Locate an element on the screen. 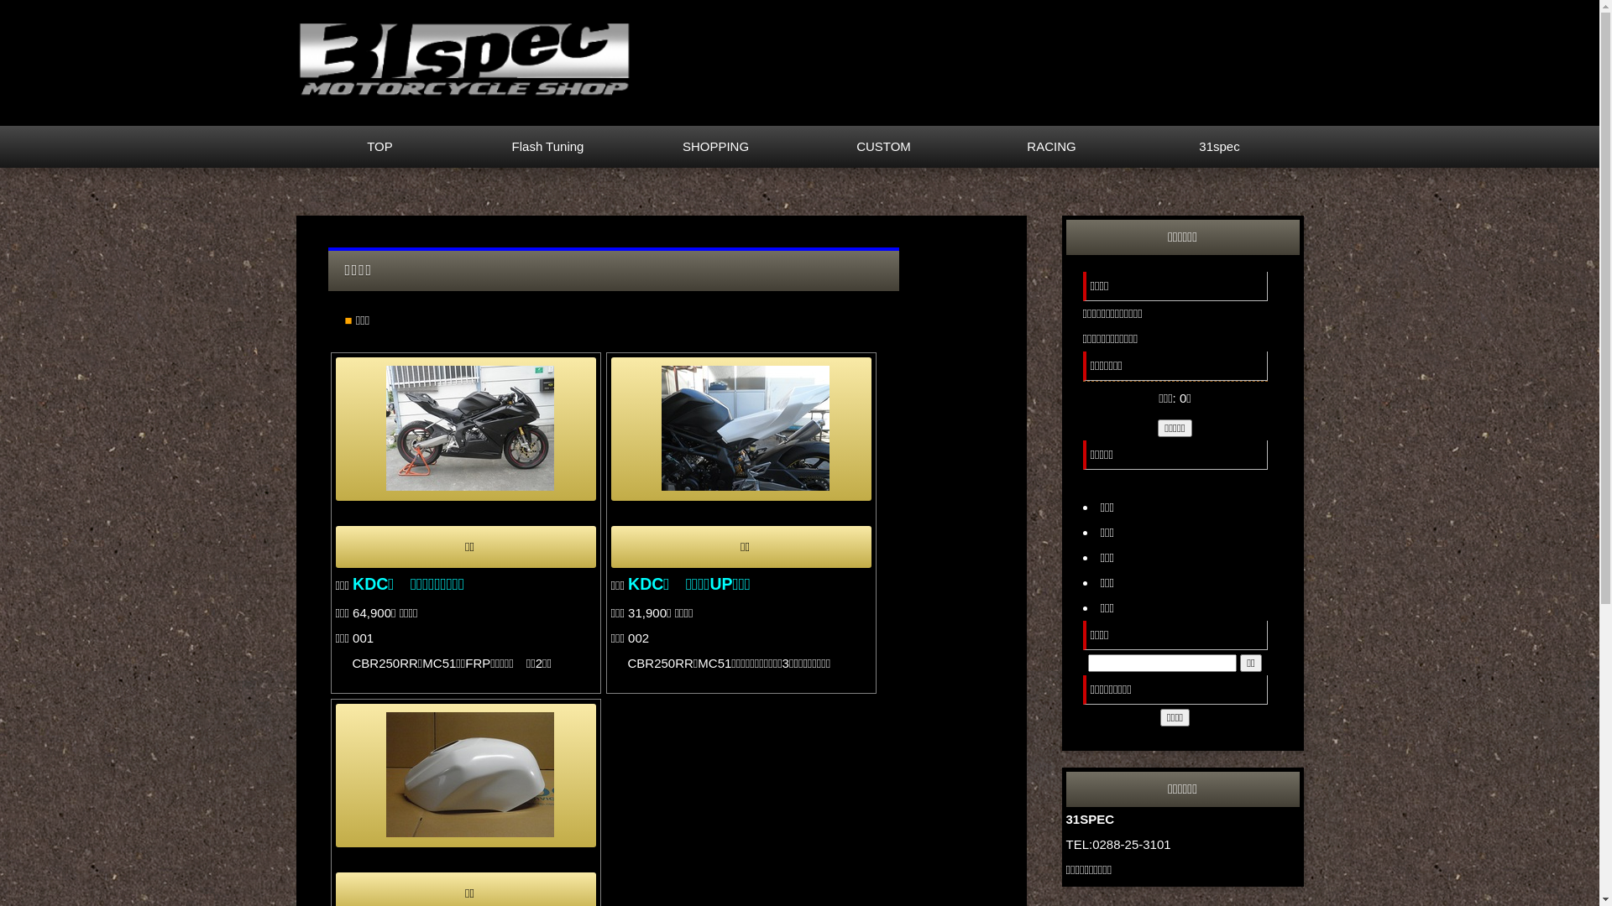  'SHOPPING' is located at coordinates (631, 145).